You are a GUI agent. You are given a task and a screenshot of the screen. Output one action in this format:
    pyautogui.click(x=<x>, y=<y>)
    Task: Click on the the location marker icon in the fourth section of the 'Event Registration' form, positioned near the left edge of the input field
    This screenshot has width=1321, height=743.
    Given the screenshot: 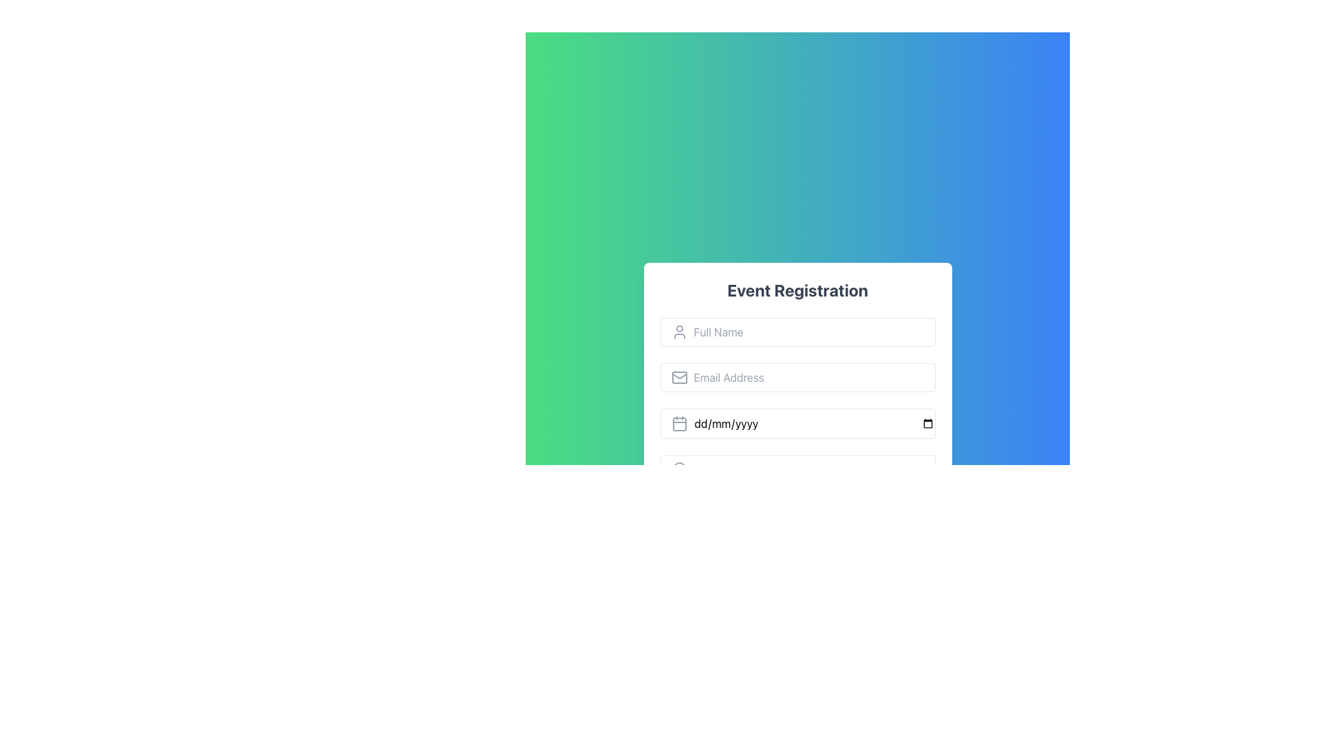 What is the action you would take?
    pyautogui.click(x=679, y=469)
    